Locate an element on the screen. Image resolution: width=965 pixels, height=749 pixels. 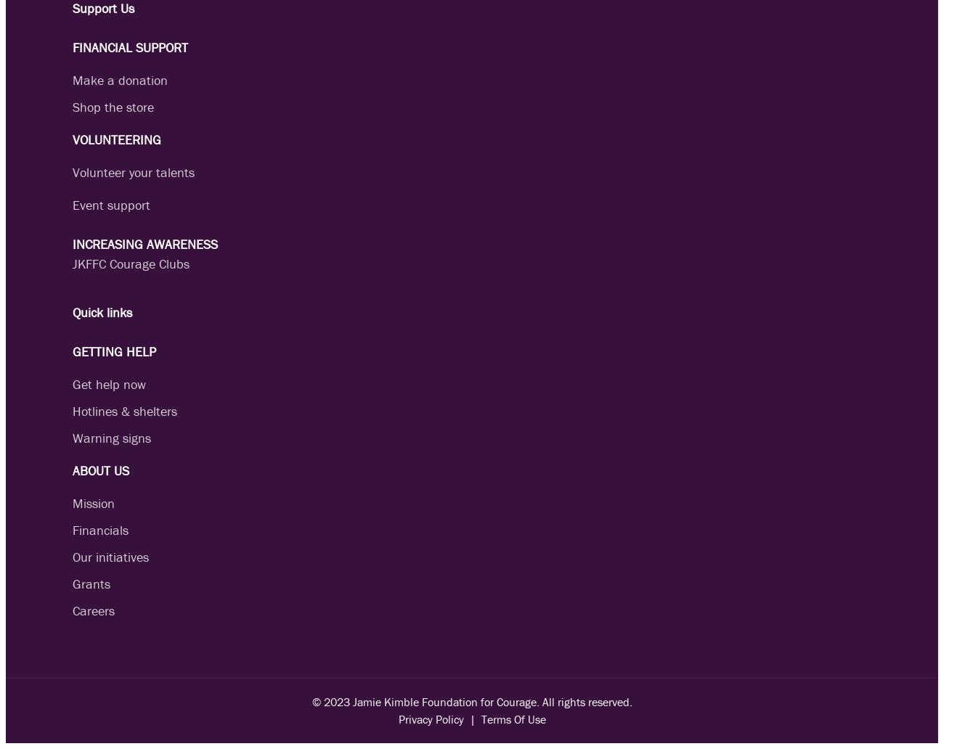
'VOLUNTEERING' is located at coordinates (116, 139).